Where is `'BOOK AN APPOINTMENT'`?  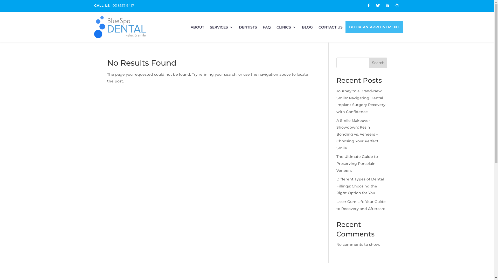 'BOOK AN APPOINTMENT' is located at coordinates (374, 28).